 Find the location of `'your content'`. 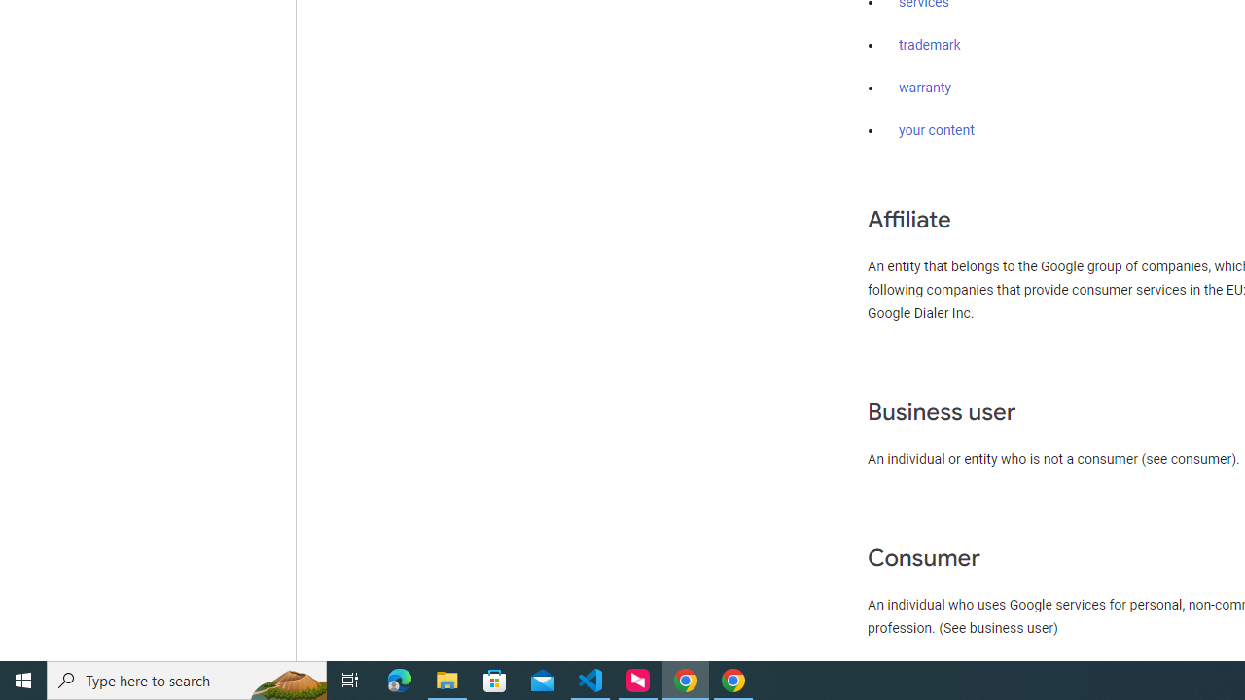

'your content' is located at coordinates (937, 131).